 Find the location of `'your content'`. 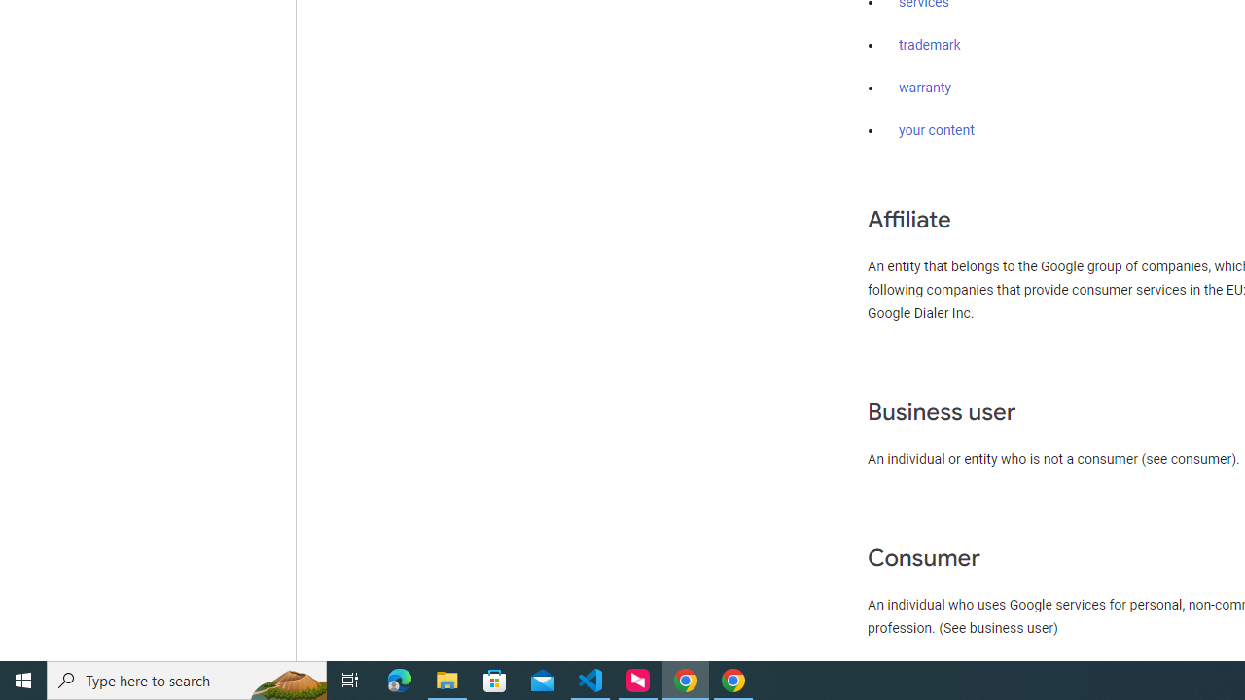

'your content' is located at coordinates (937, 131).